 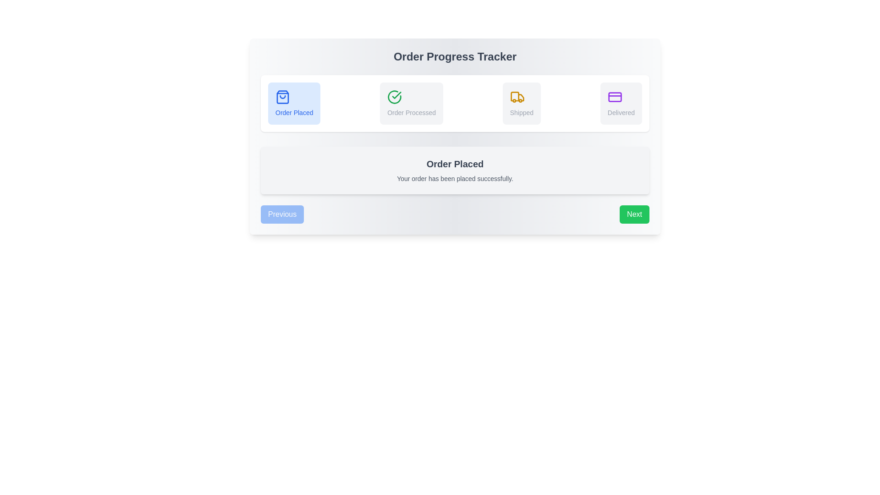 I want to click on the status text of the 'Delivered' status card in the Order Progress Tracker, which is the fourth card in the sequence, so click(x=621, y=103).